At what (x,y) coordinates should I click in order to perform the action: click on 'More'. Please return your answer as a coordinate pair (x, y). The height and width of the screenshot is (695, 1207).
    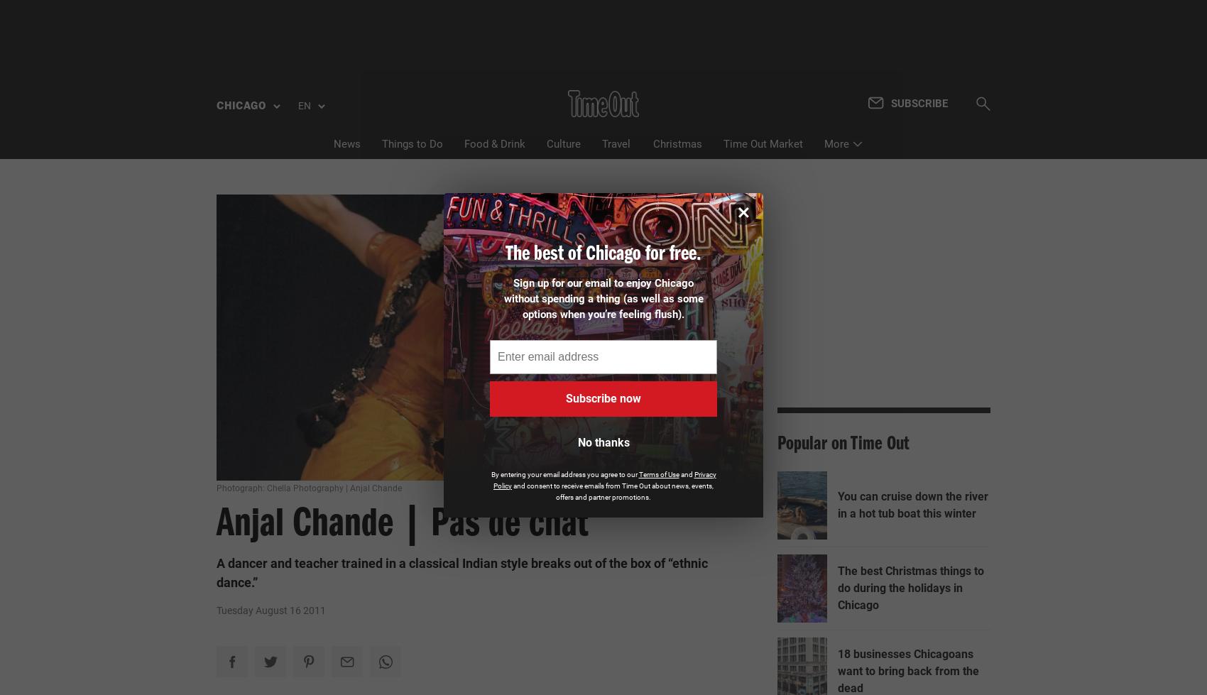
    Looking at the image, I should click on (836, 79).